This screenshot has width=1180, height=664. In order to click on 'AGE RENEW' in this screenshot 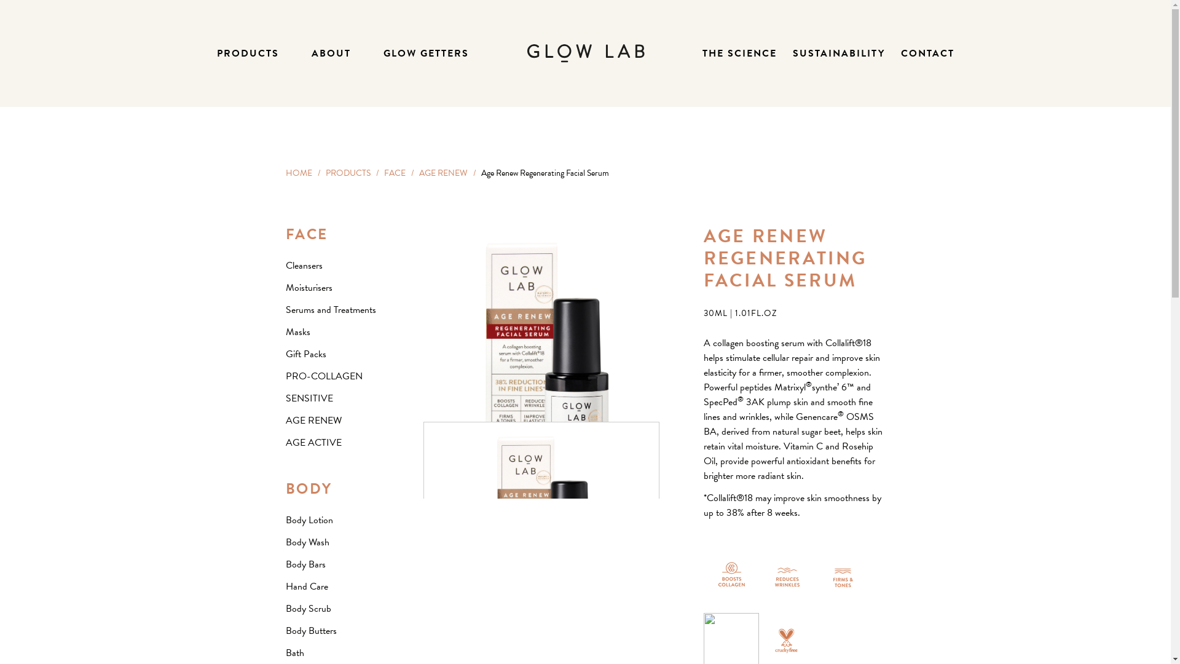, I will do `click(419, 173)`.